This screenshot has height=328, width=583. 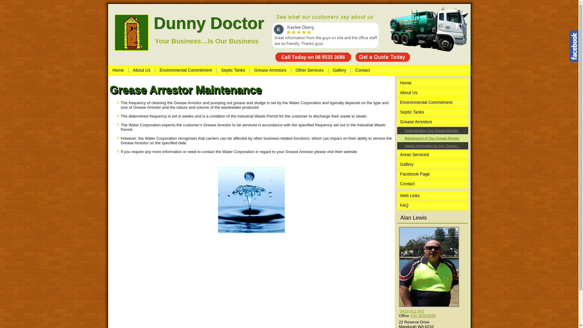 I want to click on 'Other Services', so click(x=309, y=70).